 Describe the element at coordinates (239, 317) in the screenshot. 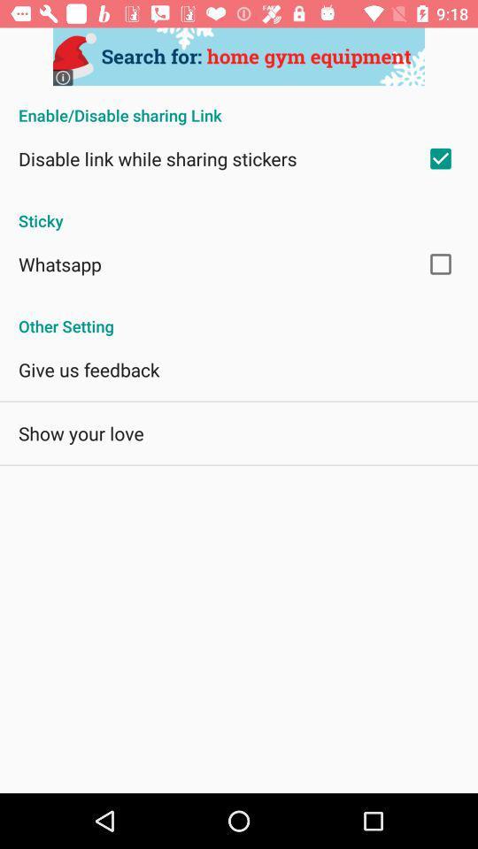

I see `other setting item` at that location.